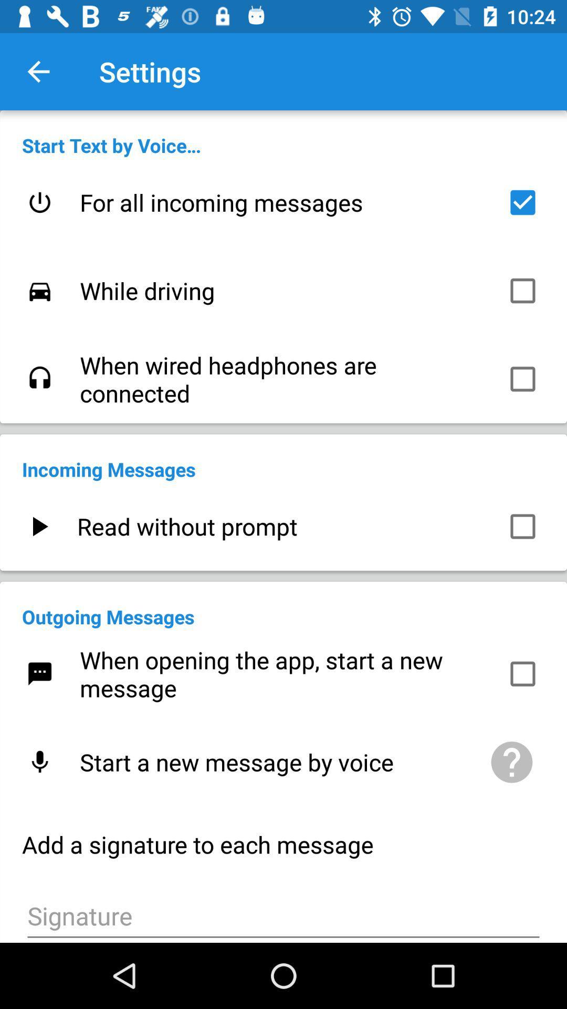 The image size is (567, 1009). Describe the element at coordinates (38, 71) in the screenshot. I see `the item next to the settings icon` at that location.